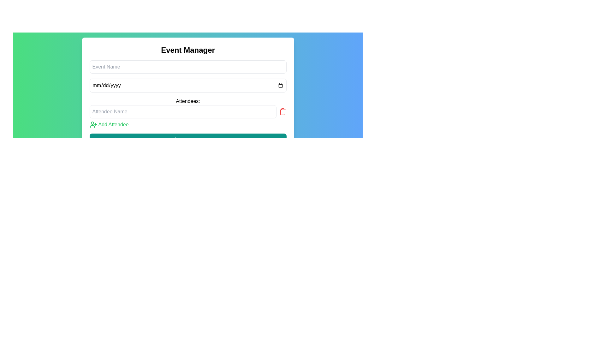 The image size is (606, 341). Describe the element at coordinates (109, 124) in the screenshot. I see `the 'Add Attendee' button located at the bottom of the 'Attendees:' section, which features a green icon with a plus sign and the label 'Add Attendee'` at that location.